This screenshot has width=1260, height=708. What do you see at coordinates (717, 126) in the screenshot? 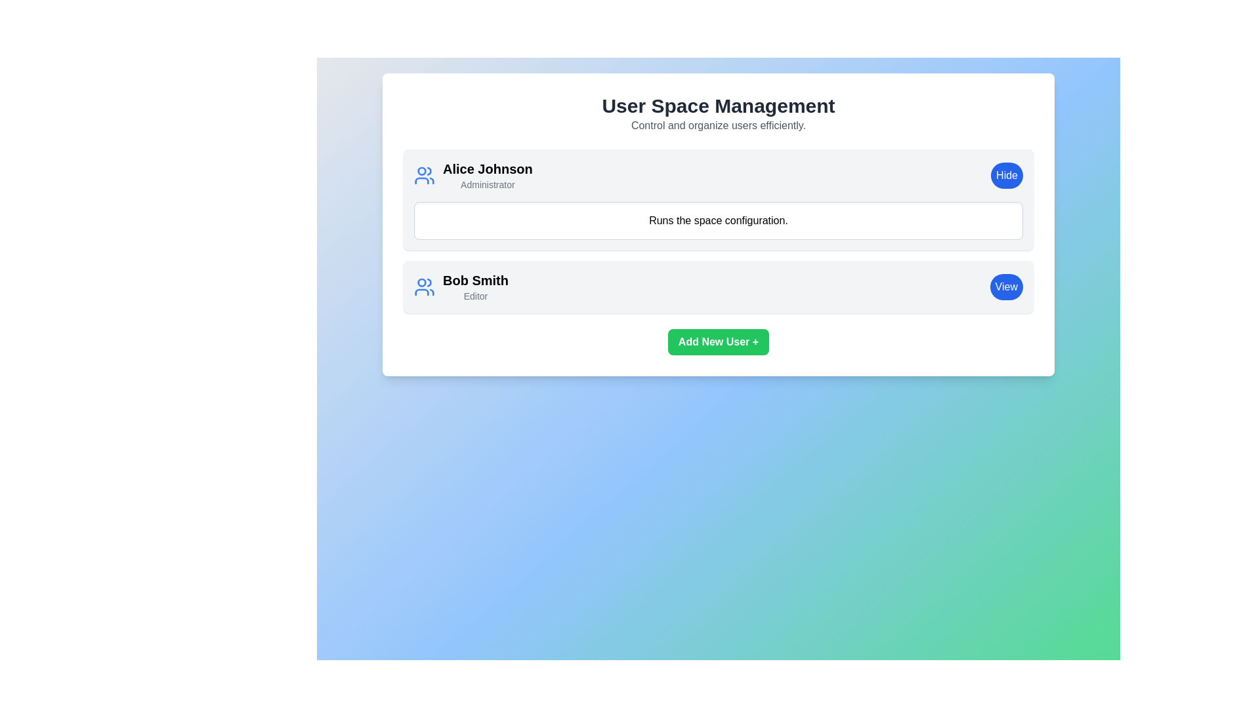
I see `the static text displaying 'Control and organize users efficiently.' which is positioned beneath the title 'User Space Management'` at bounding box center [717, 126].